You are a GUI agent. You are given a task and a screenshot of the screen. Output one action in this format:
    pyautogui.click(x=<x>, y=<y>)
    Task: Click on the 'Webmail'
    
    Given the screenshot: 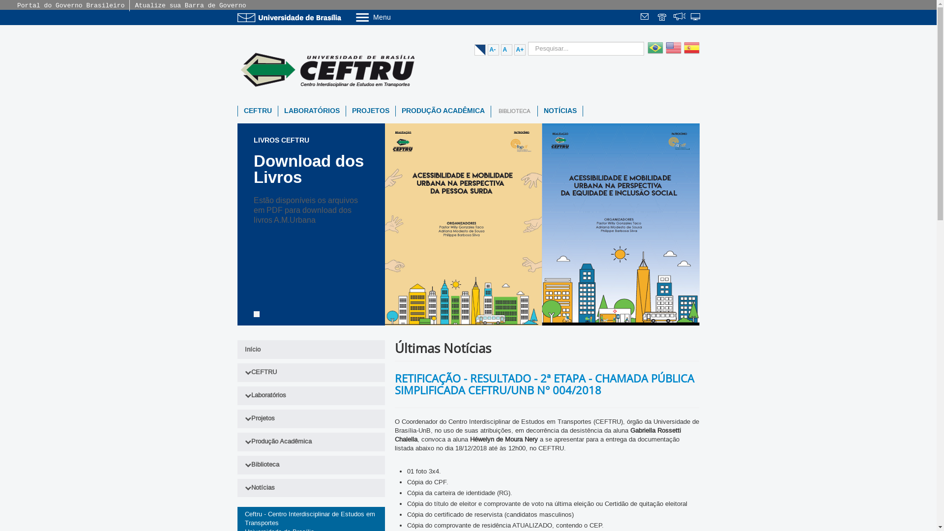 What is the action you would take?
    pyautogui.click(x=640, y=18)
    